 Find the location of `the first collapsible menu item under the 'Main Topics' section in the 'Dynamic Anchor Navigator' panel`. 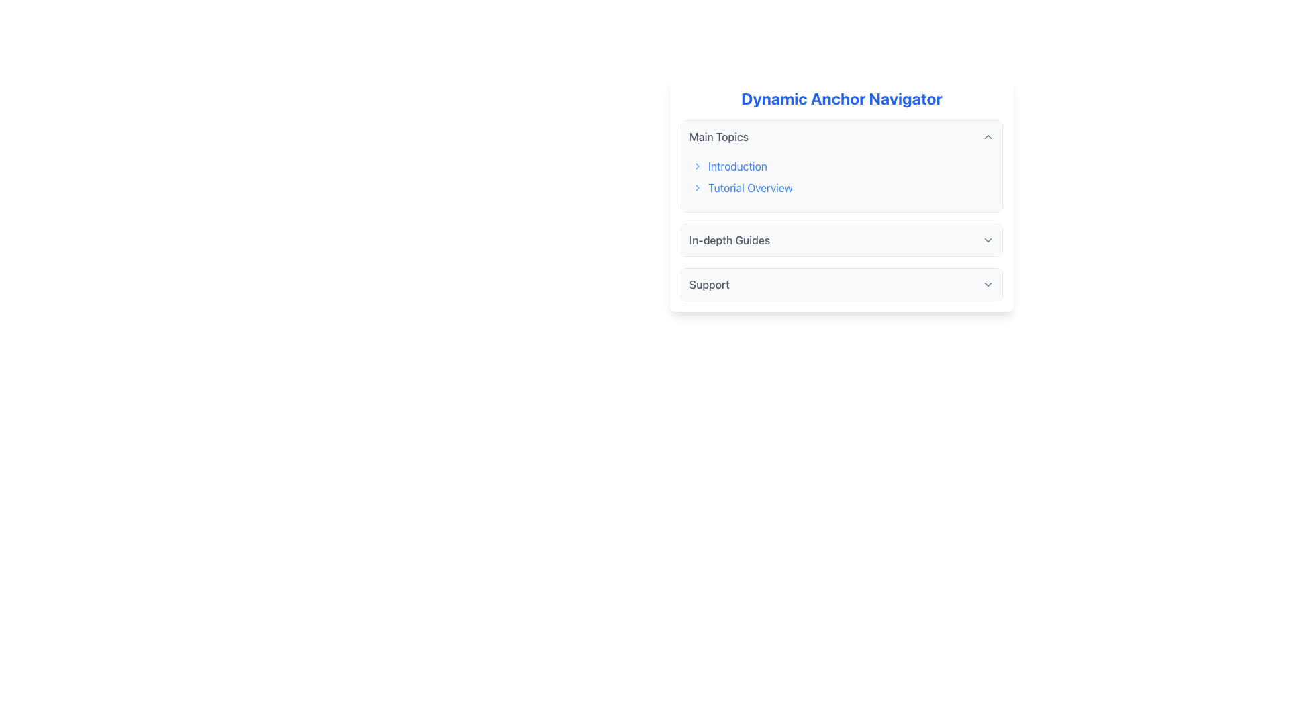

the first collapsible menu item under the 'Main Topics' section in the 'Dynamic Anchor Navigator' panel is located at coordinates (841, 240).